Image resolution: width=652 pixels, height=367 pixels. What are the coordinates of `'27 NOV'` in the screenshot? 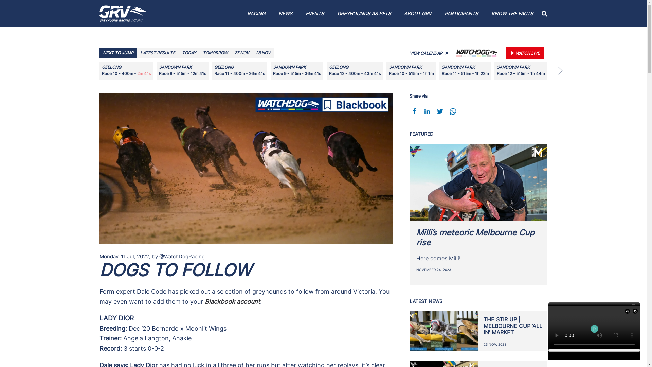 It's located at (241, 52).